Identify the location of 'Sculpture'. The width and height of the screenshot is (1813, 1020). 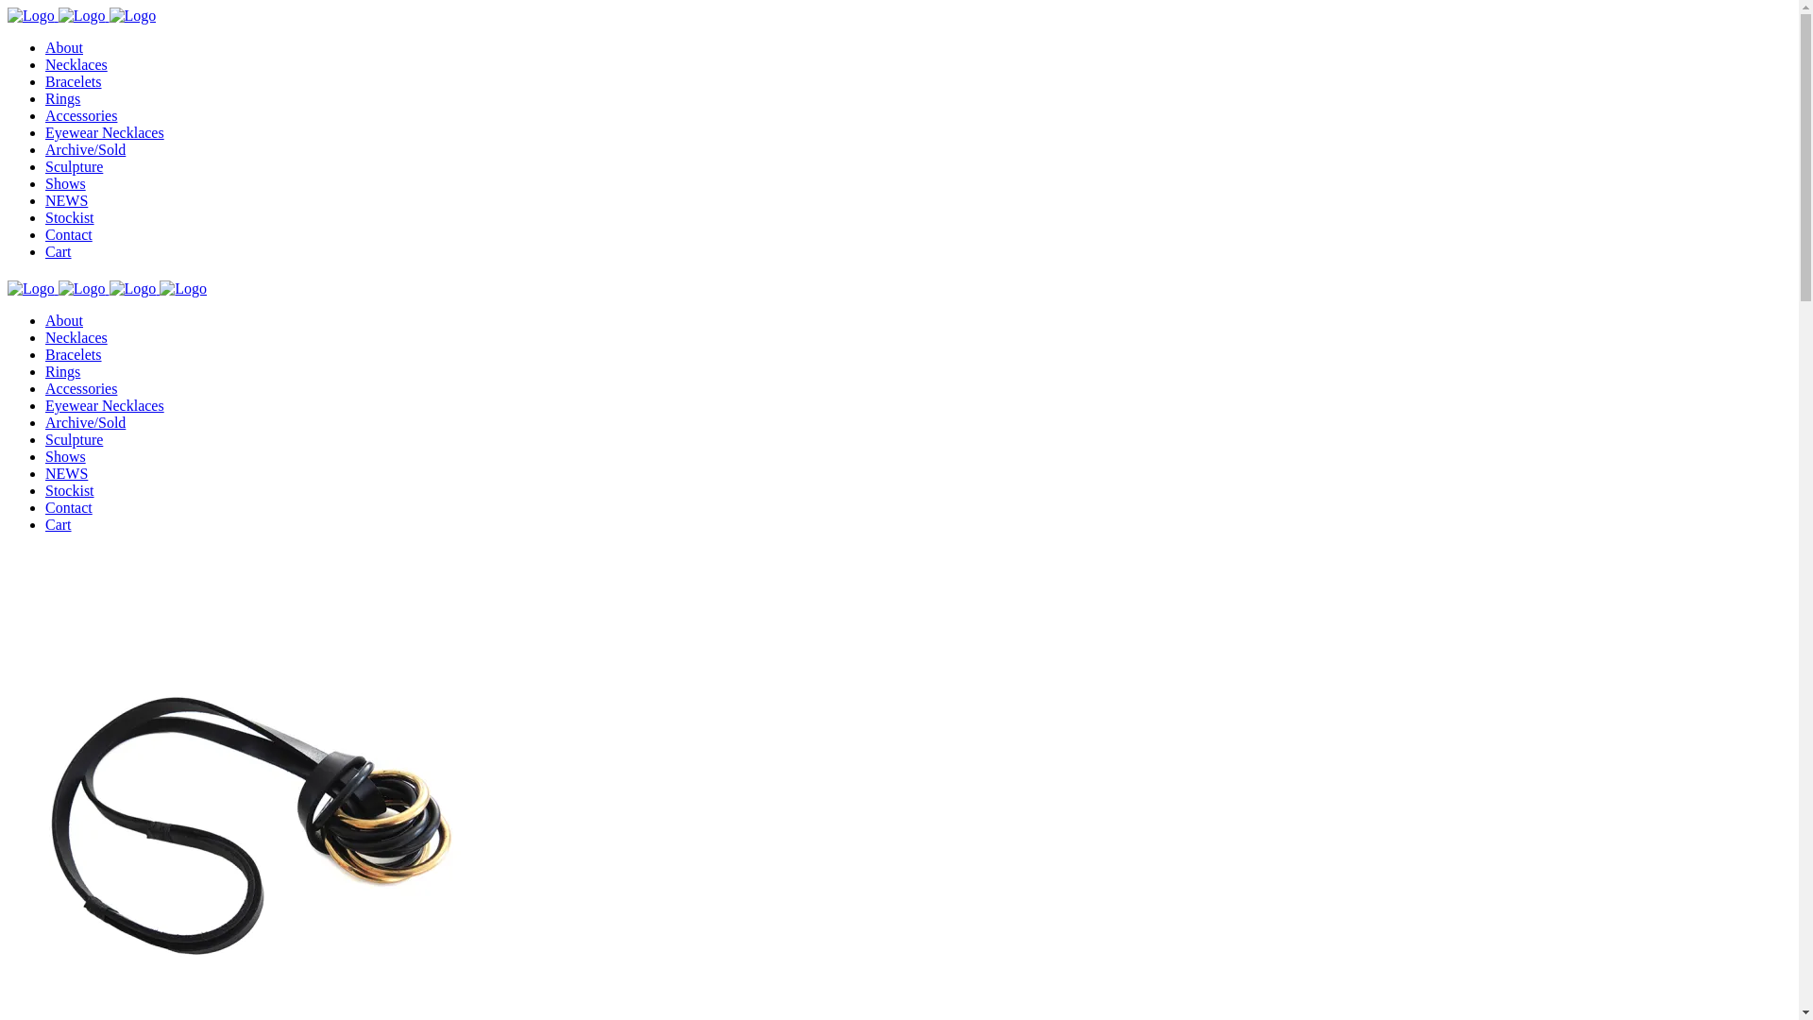
(74, 439).